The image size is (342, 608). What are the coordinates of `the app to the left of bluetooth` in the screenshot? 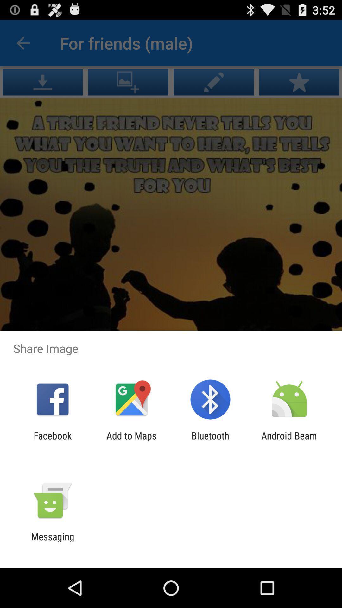 It's located at (131, 441).